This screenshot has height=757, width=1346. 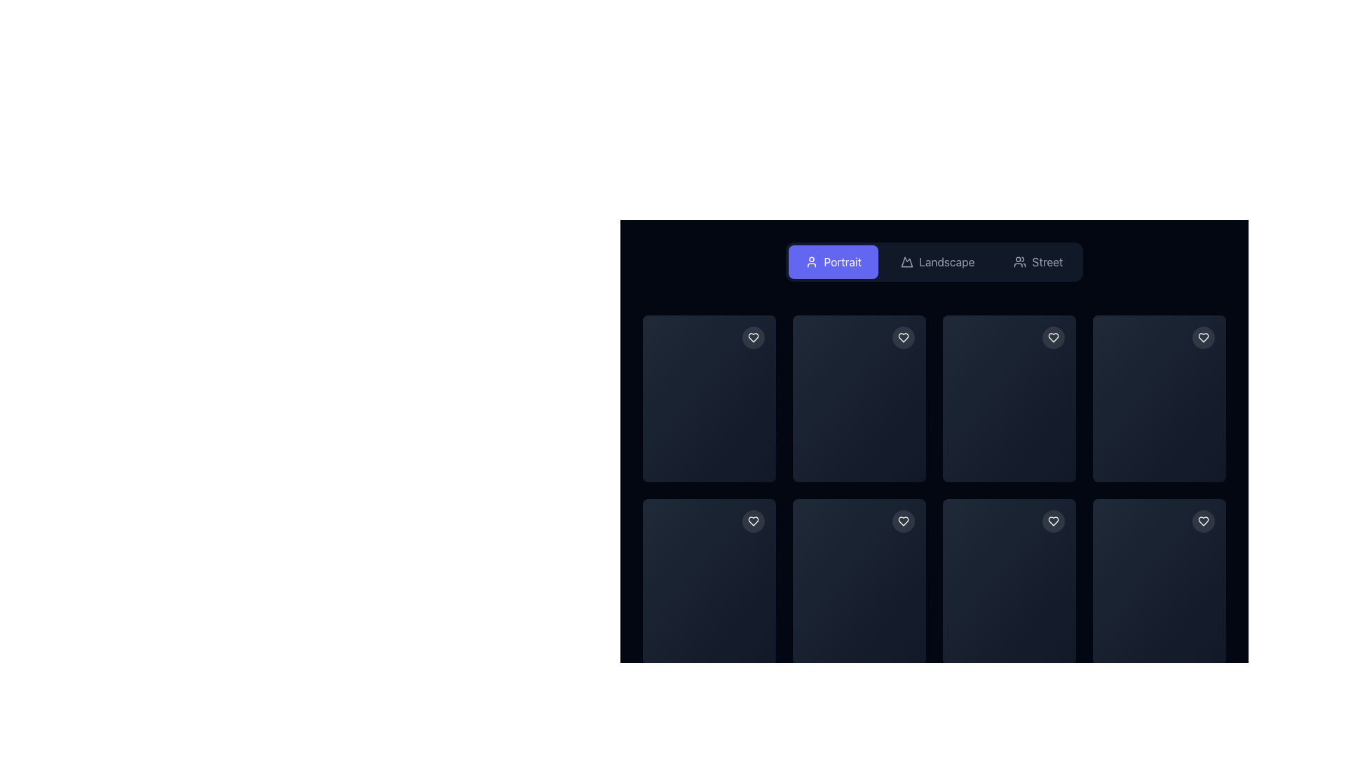 What do you see at coordinates (753, 521) in the screenshot?
I see `the favorite icon button located in the top-right corner of the bottom-left card of the 3x3 grid` at bounding box center [753, 521].